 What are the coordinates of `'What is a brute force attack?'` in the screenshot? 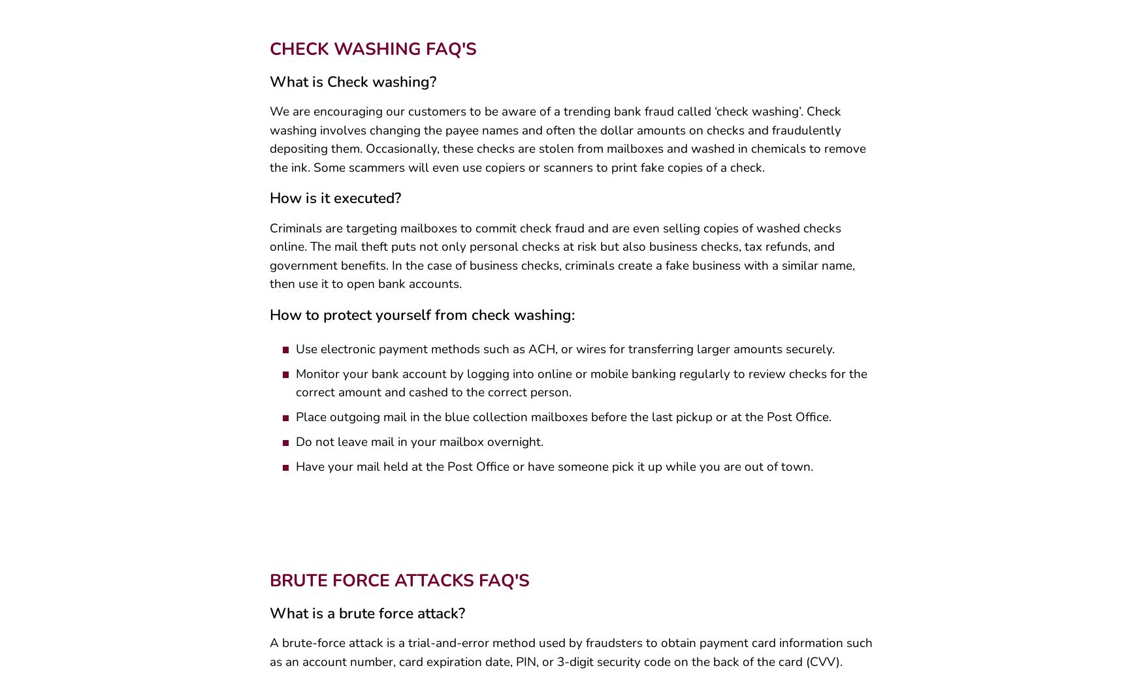 It's located at (366, 617).